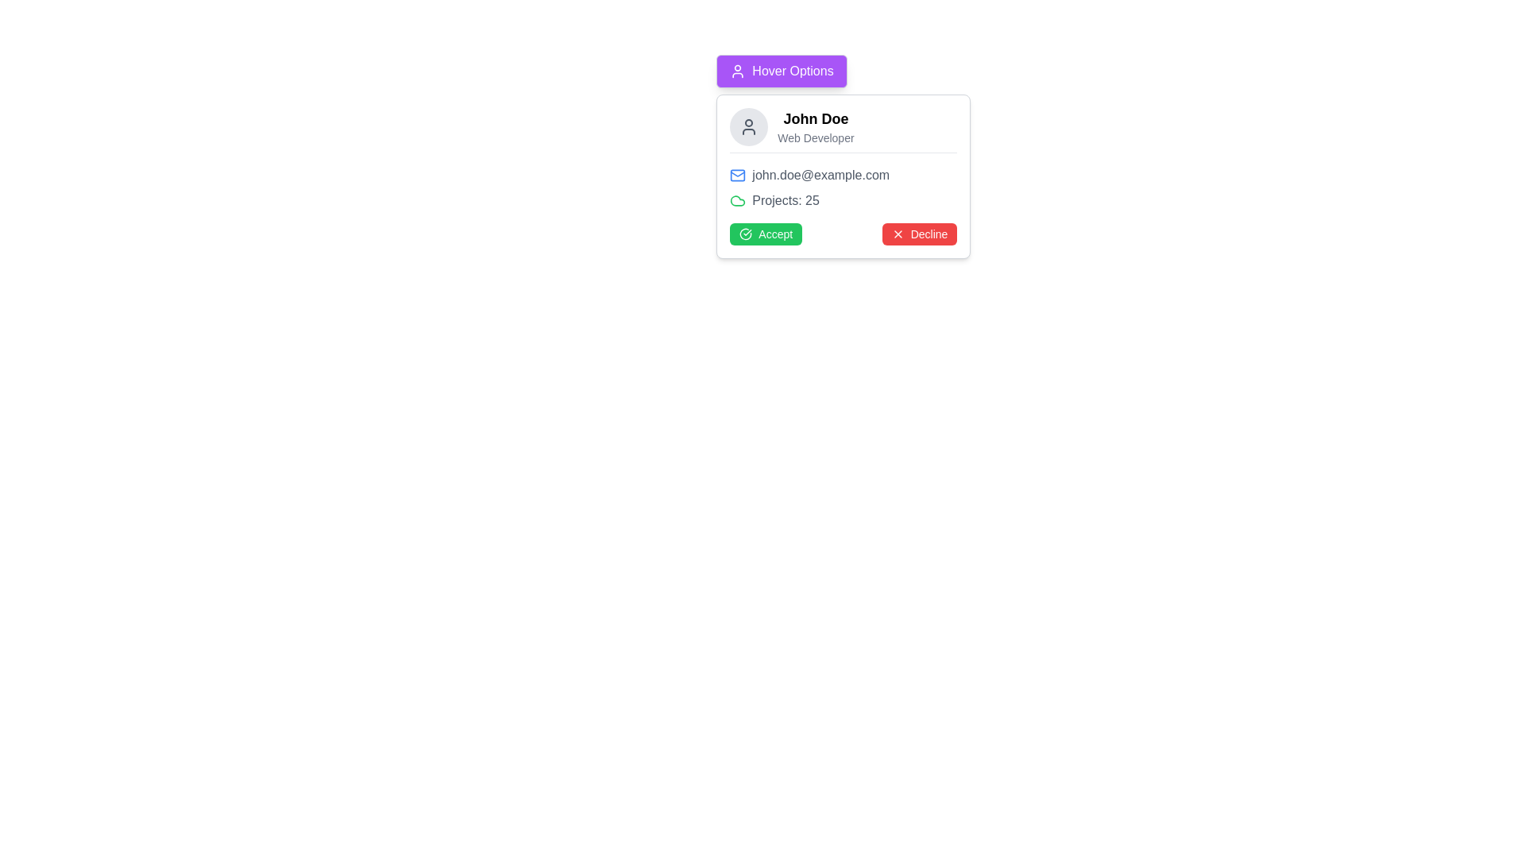 This screenshot has width=1525, height=858. I want to click on the green cloud-shaped icon indicating active status, located to the left of the 'Projects: 25' text, so click(737, 200).